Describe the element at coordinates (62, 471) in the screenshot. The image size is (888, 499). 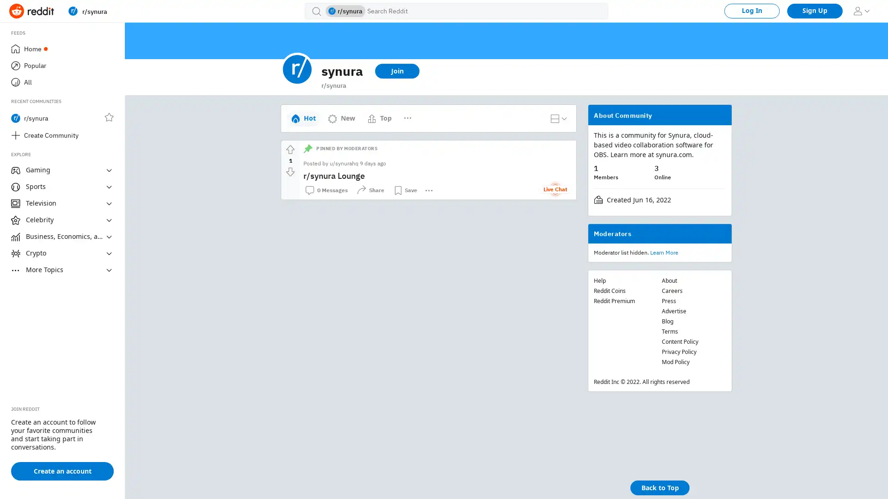
I see `Create an account` at that location.